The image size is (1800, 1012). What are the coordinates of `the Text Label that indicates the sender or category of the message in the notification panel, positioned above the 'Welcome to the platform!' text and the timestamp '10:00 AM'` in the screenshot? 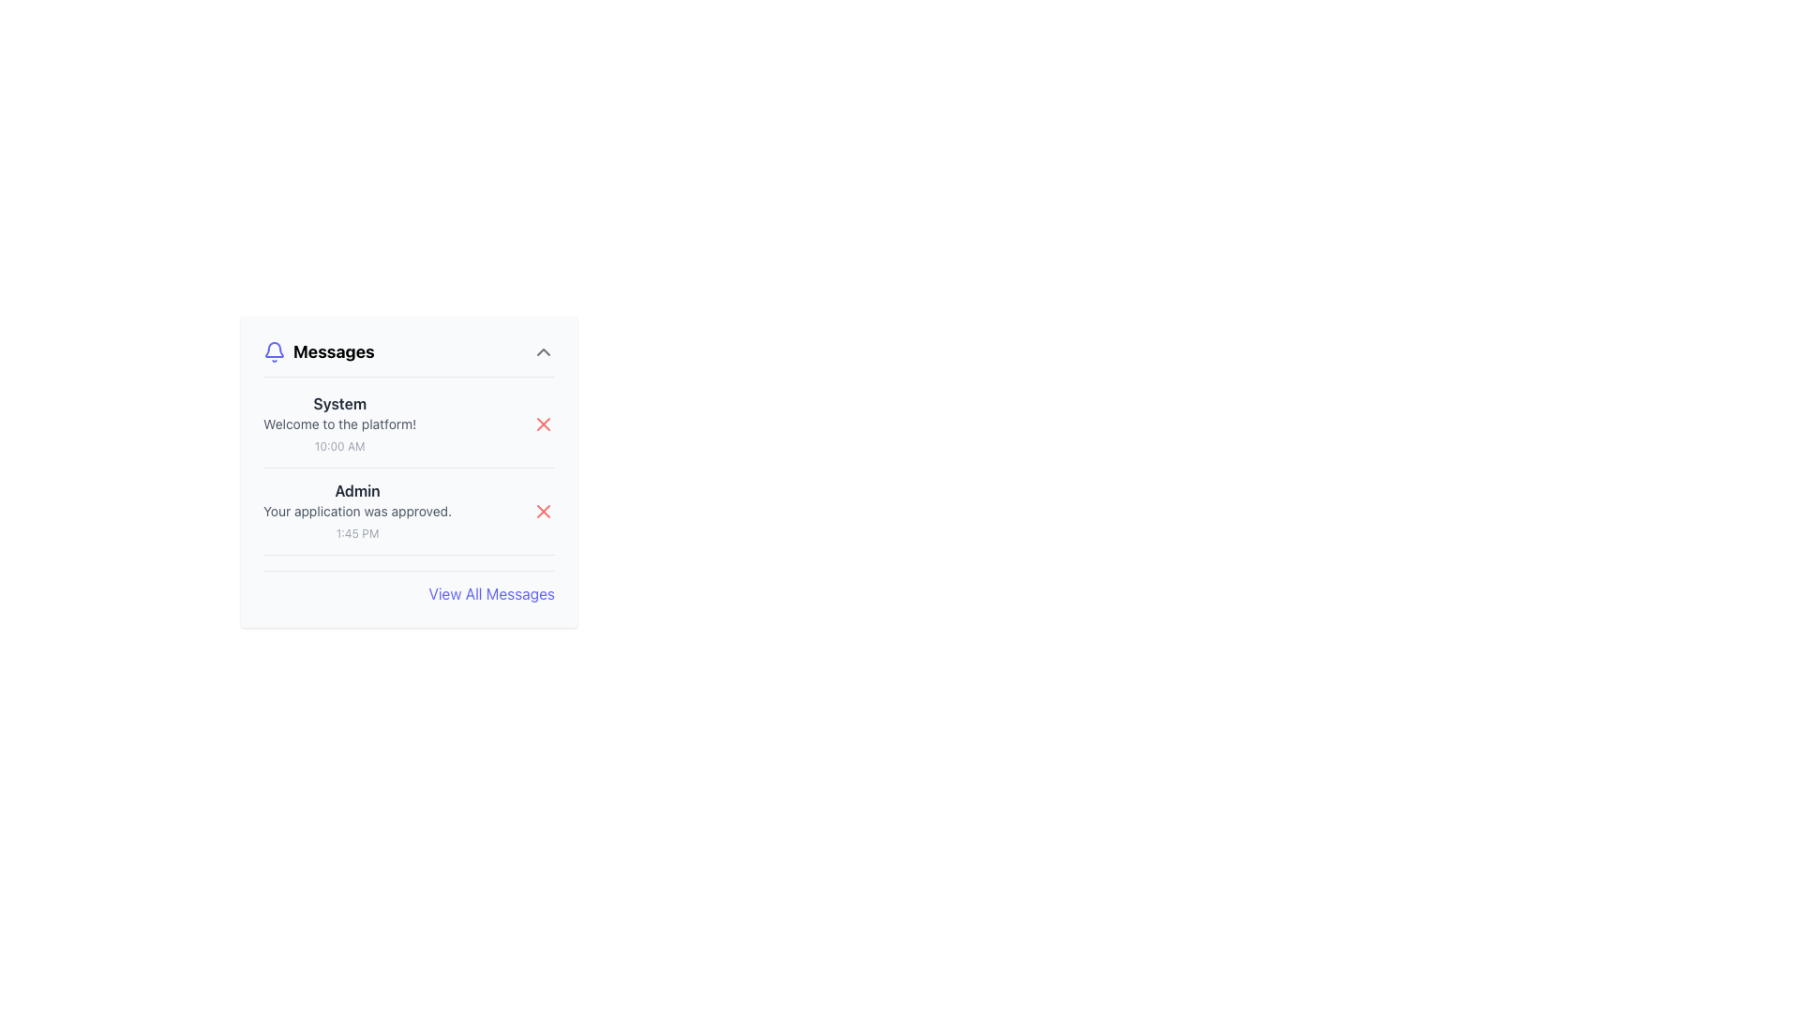 It's located at (339, 403).